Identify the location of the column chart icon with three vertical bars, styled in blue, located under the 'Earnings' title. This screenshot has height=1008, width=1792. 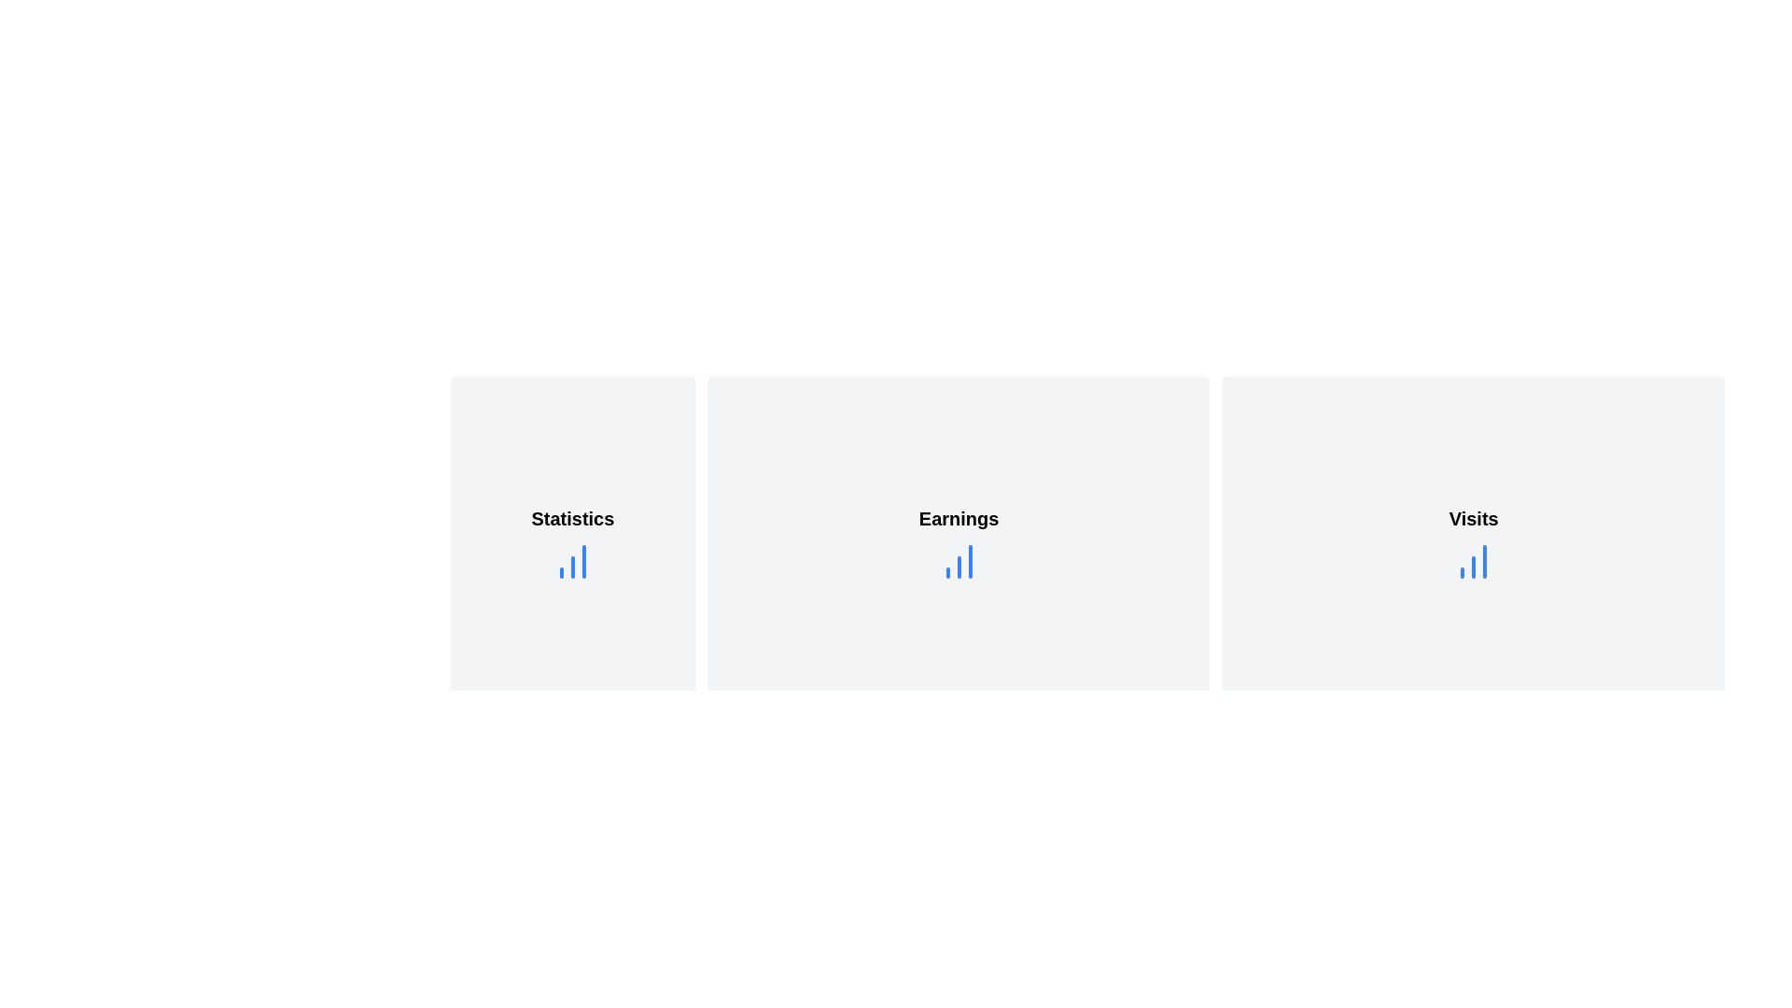
(959, 560).